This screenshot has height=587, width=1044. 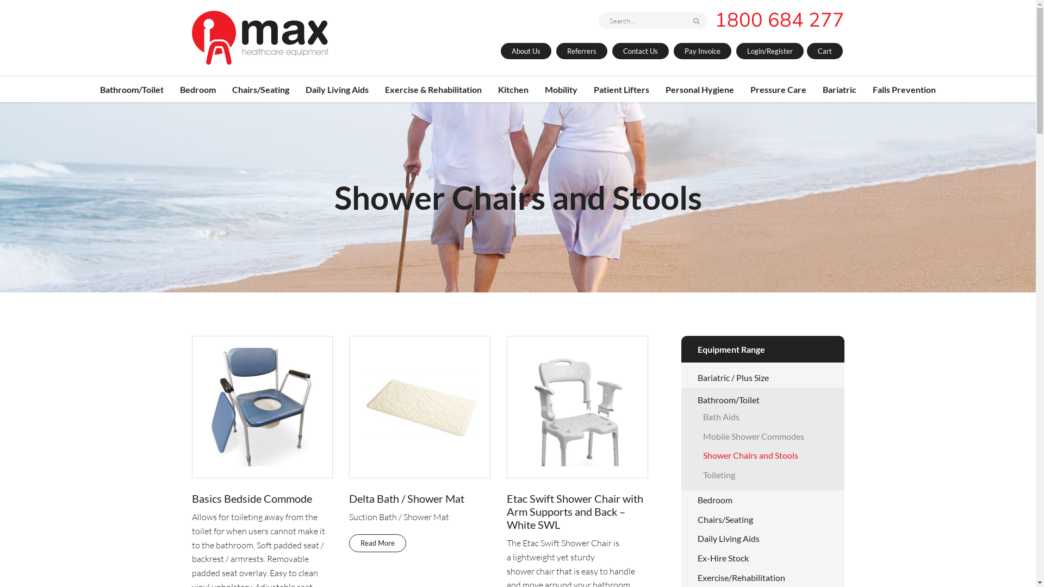 What do you see at coordinates (725, 519) in the screenshot?
I see `'Chairs/Seating'` at bounding box center [725, 519].